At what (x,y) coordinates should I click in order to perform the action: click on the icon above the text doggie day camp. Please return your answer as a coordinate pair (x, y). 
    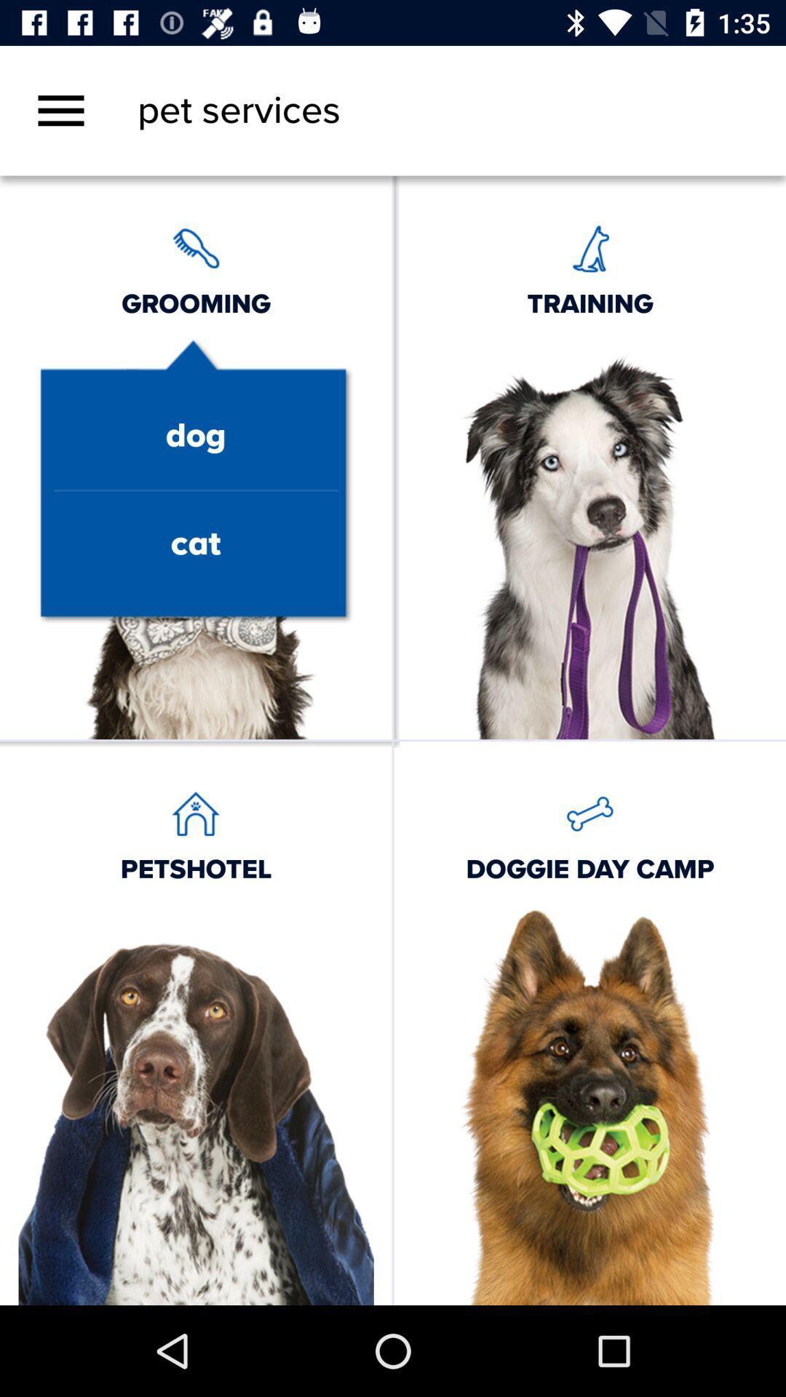
    Looking at the image, I should click on (589, 813).